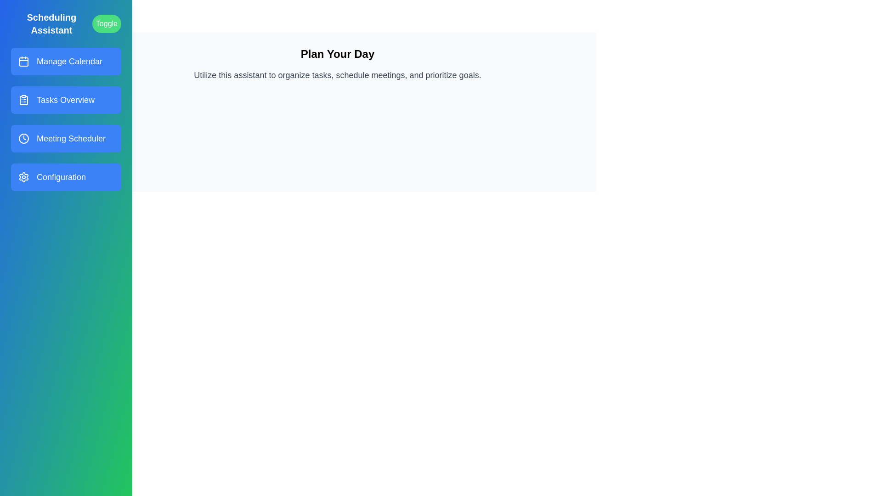  I want to click on the menu item corresponding to Meeting Scheduler, so click(66, 138).